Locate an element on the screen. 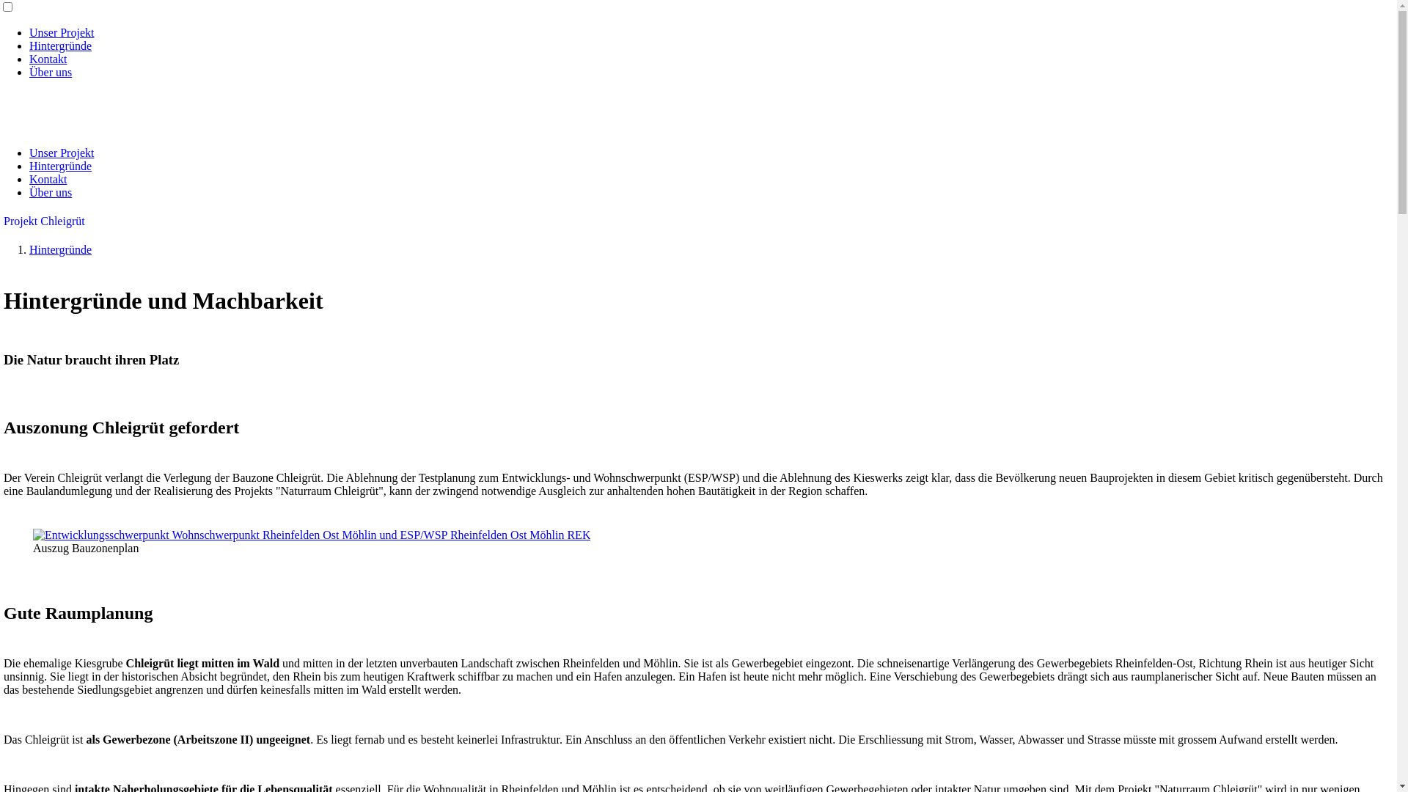  'Kontakt' is located at coordinates (48, 178).